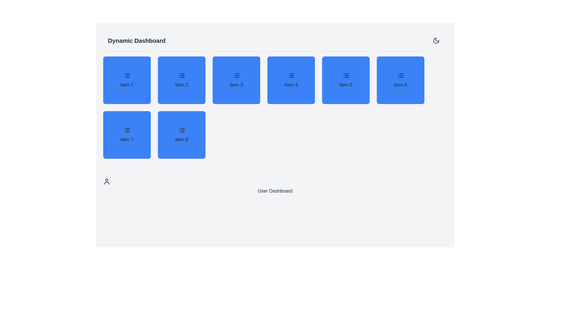 The width and height of the screenshot is (571, 321). What do you see at coordinates (107, 181) in the screenshot?
I see `the user-related action icon located near the bottom-left of the interface under the 'User Dashboard' section` at bounding box center [107, 181].